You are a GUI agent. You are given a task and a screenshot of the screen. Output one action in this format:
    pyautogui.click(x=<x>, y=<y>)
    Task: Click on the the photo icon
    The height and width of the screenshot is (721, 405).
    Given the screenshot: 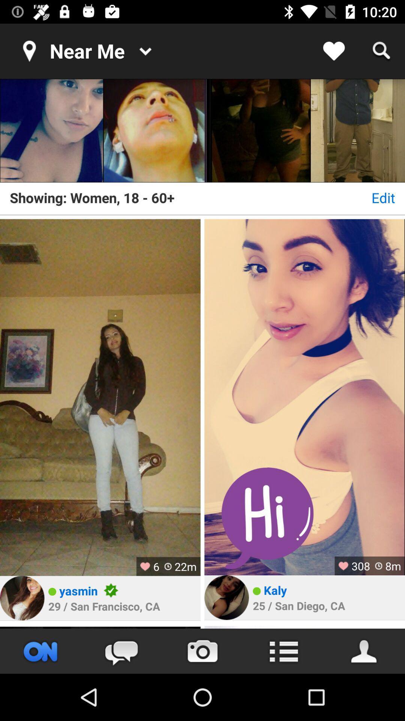 What is the action you would take?
    pyautogui.click(x=202, y=651)
    